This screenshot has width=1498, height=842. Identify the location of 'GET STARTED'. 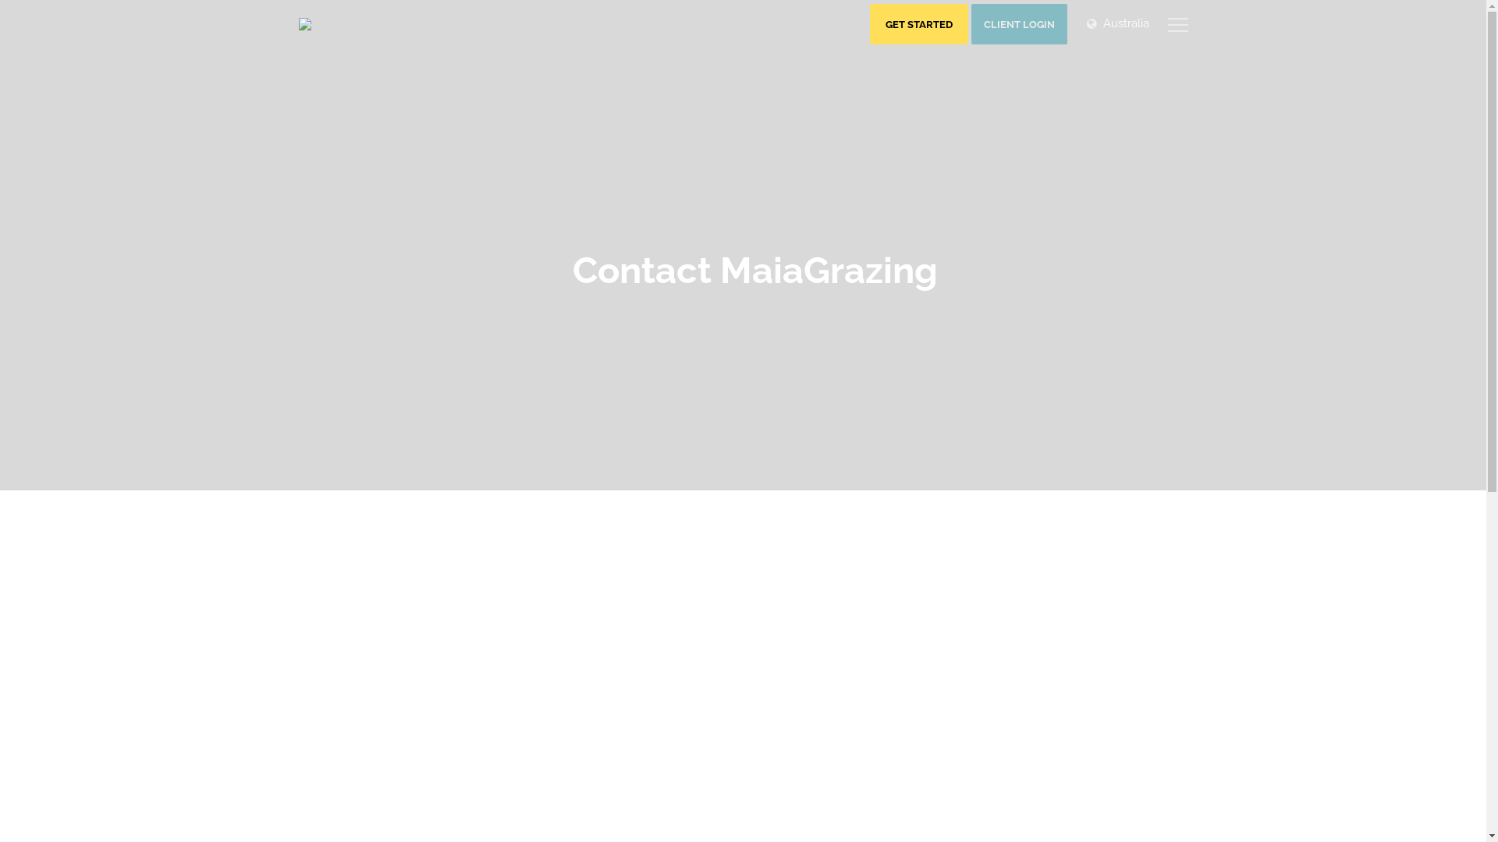
(918, 23).